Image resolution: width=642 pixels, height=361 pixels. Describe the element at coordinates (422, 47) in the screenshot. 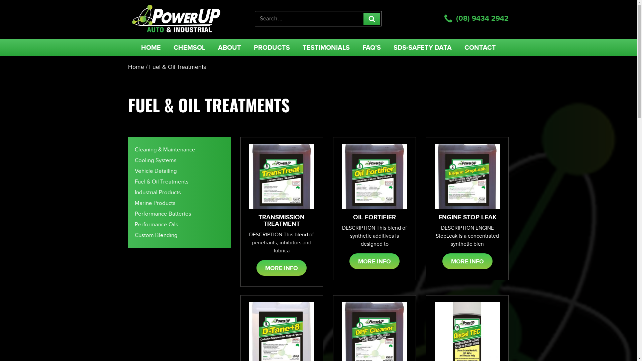

I see `'SDS-SAFETY DATA'` at that location.